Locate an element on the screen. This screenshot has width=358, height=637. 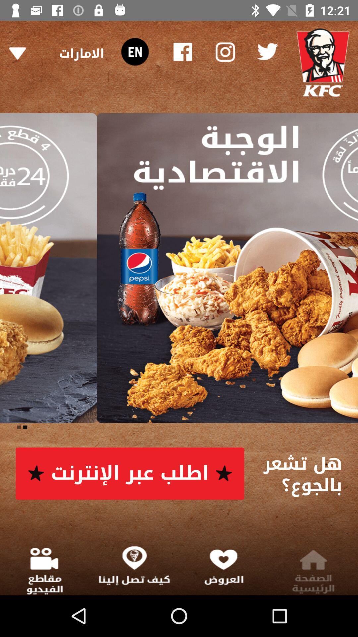
icon at the center is located at coordinates (179, 268).